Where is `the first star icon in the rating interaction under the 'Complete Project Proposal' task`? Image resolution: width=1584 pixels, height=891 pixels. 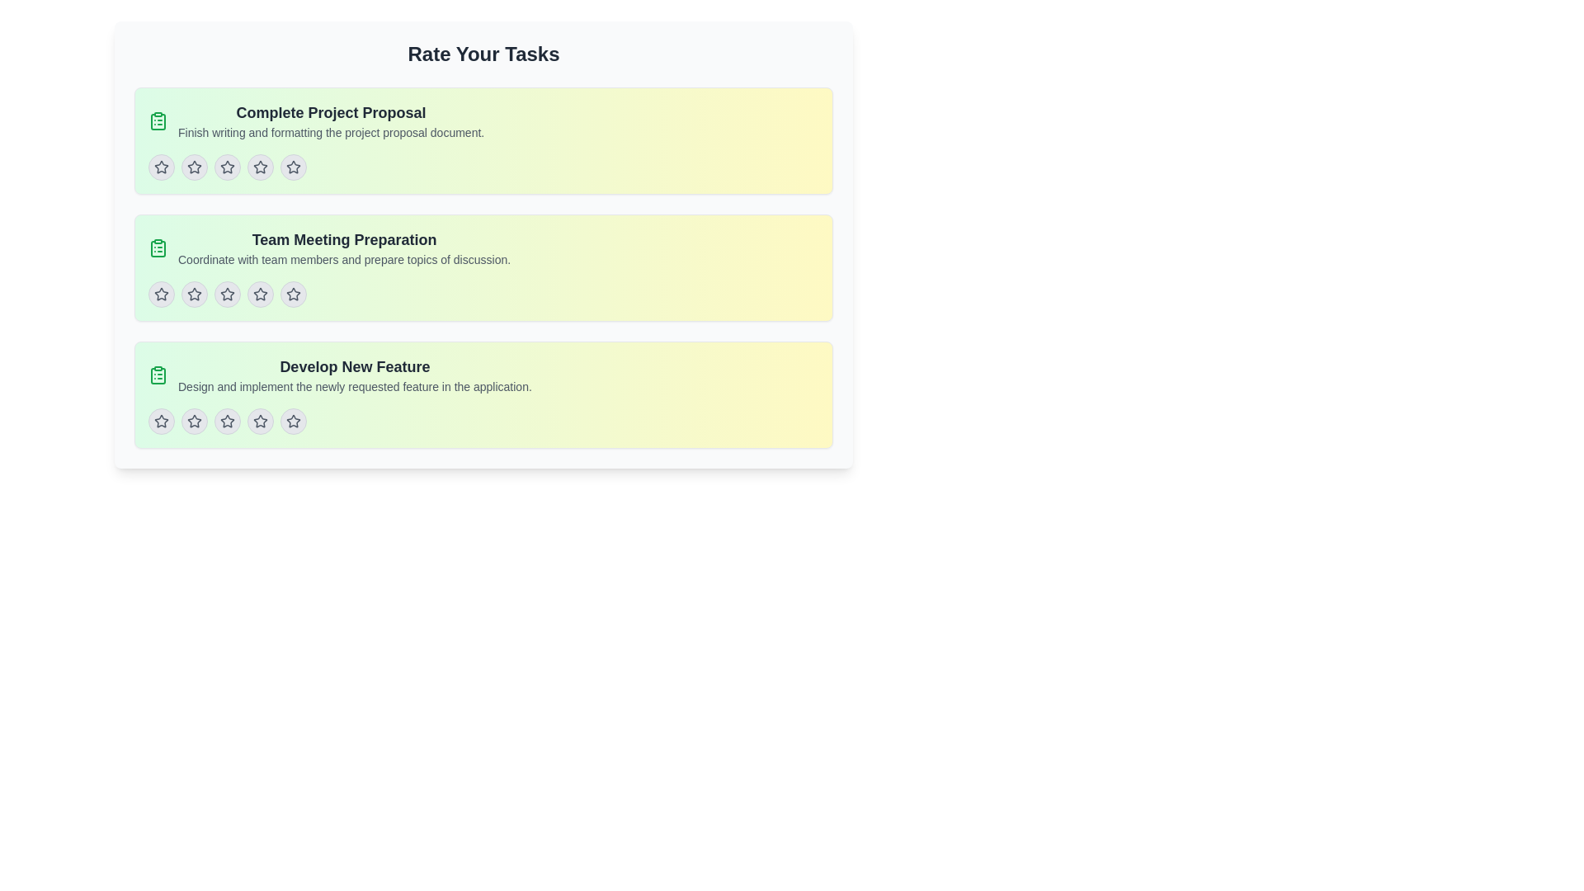 the first star icon in the rating interaction under the 'Complete Project Proposal' task is located at coordinates (194, 167).